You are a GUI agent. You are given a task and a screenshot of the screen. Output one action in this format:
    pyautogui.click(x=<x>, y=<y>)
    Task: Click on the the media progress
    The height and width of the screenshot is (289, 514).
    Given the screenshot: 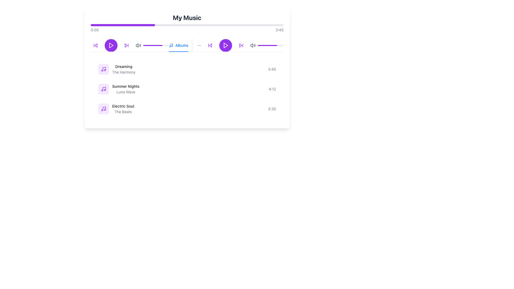 What is the action you would take?
    pyautogui.click(x=143, y=25)
    